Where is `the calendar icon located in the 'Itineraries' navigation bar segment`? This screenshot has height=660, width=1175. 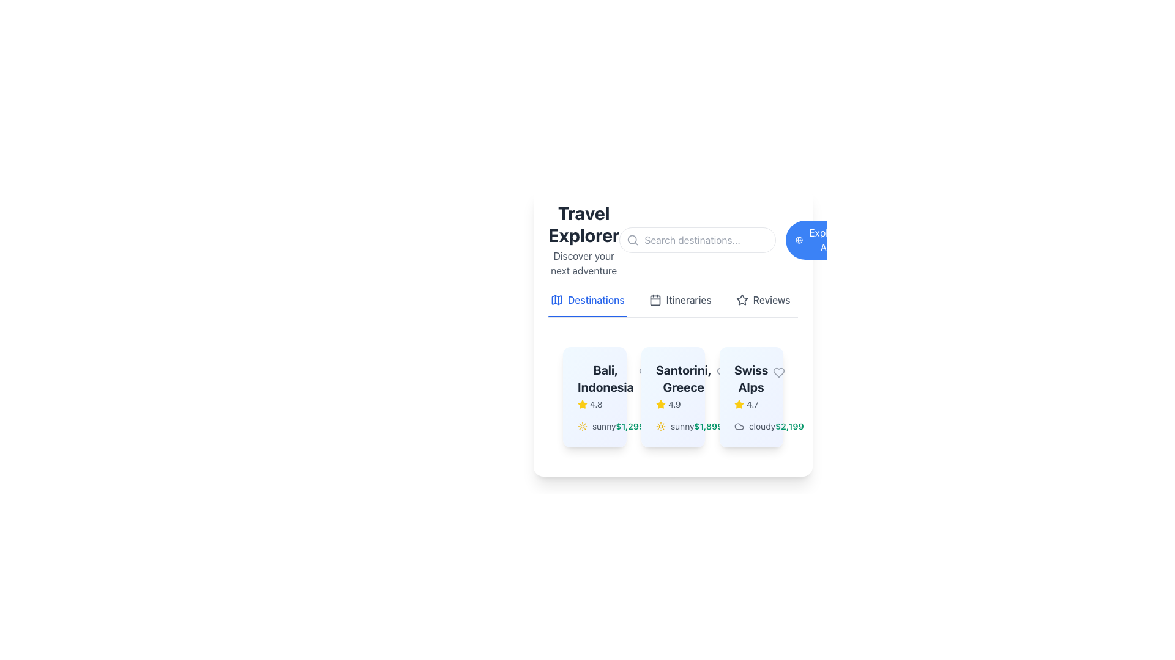 the calendar icon located in the 'Itineraries' navigation bar segment is located at coordinates (654, 299).